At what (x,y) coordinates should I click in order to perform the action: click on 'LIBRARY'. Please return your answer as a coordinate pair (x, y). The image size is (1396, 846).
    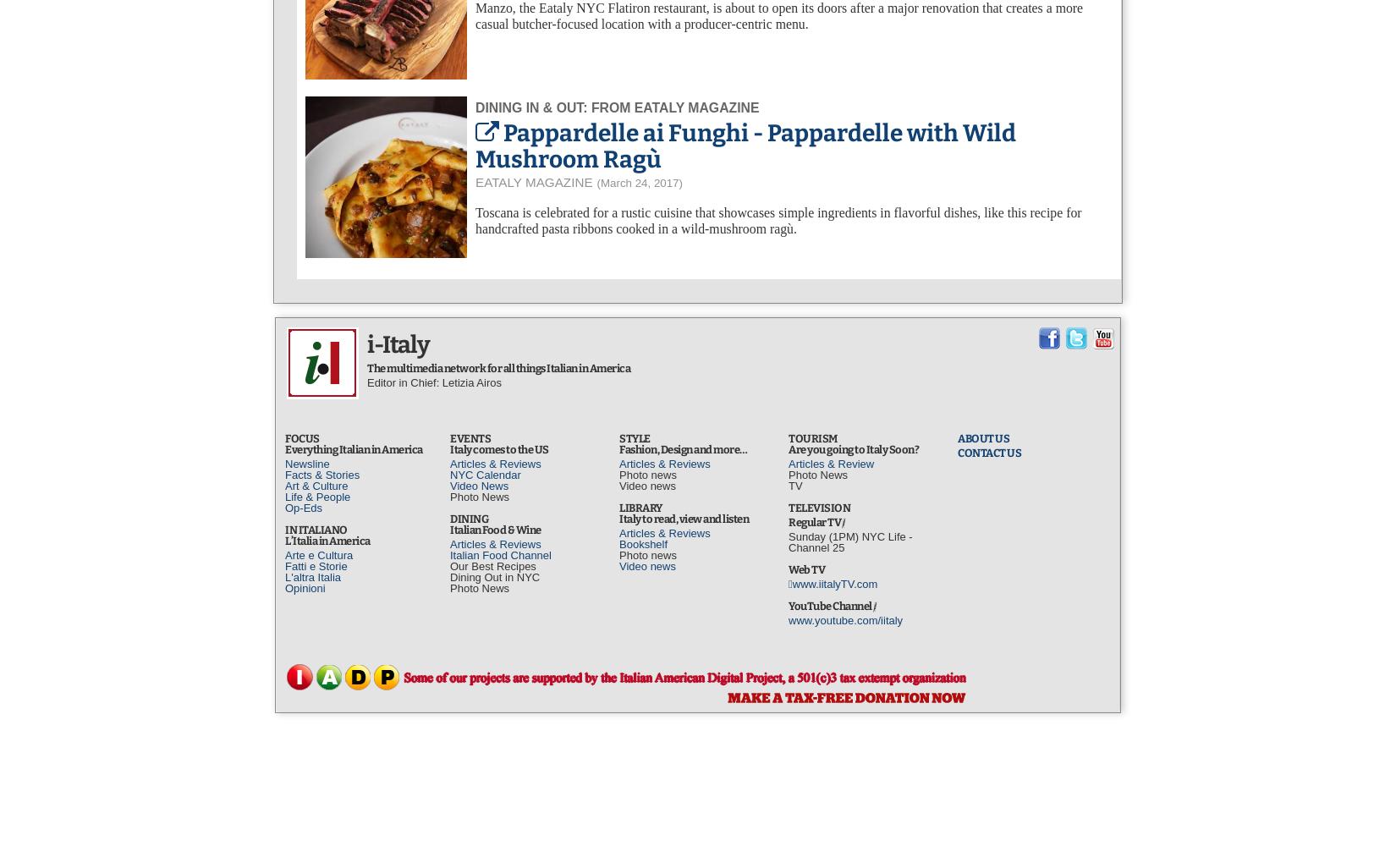
    Looking at the image, I should click on (640, 506).